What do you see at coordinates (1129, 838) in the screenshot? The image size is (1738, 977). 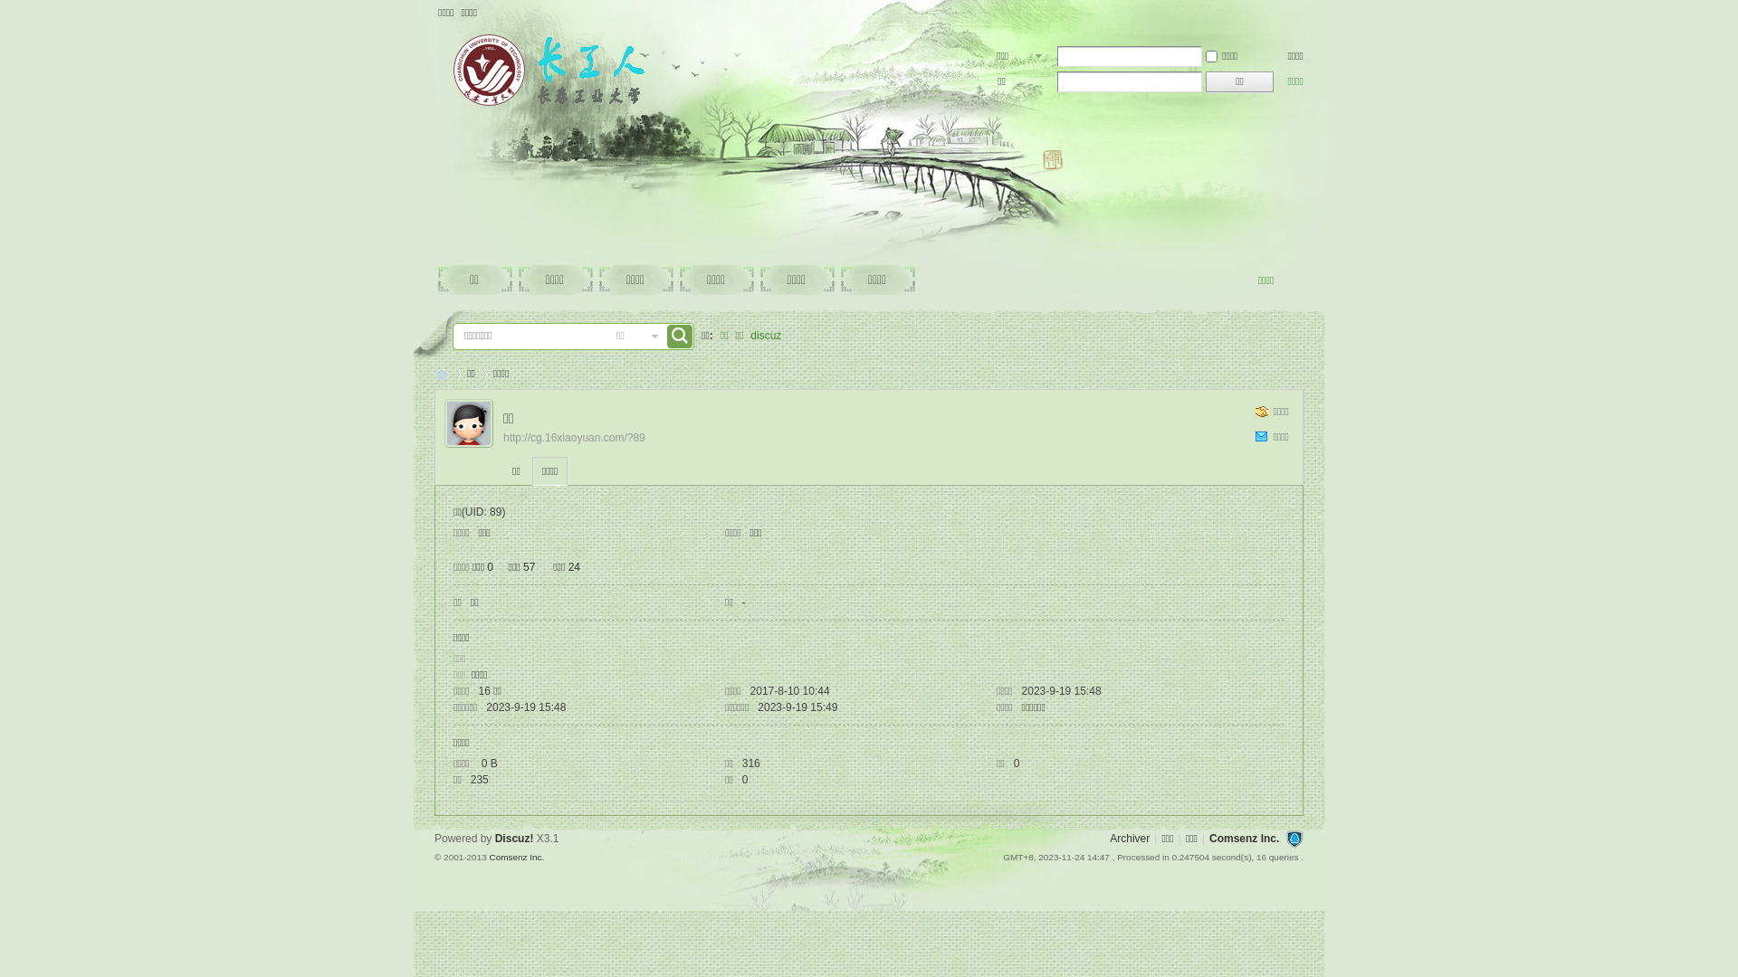 I see `'Archiver'` at bounding box center [1129, 838].